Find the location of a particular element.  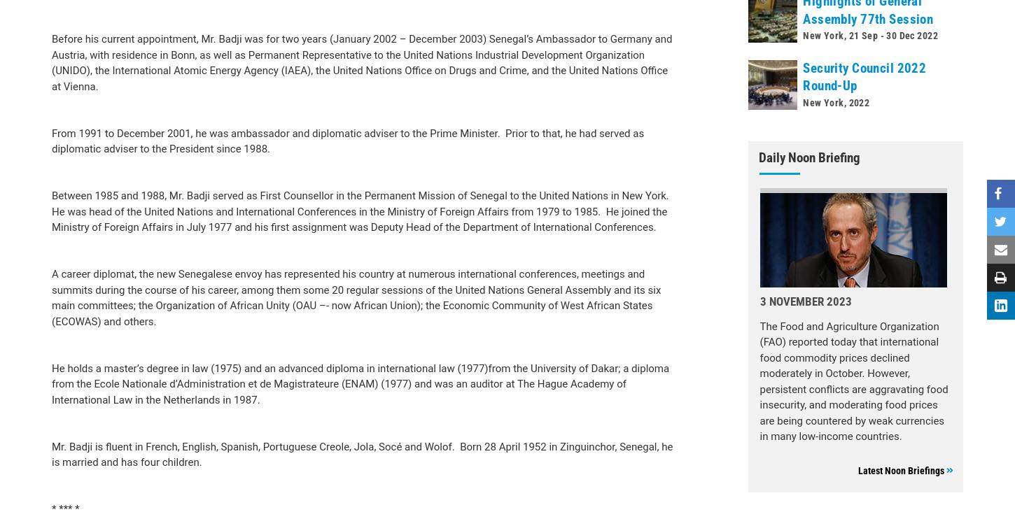

'* *** *' is located at coordinates (51, 376).